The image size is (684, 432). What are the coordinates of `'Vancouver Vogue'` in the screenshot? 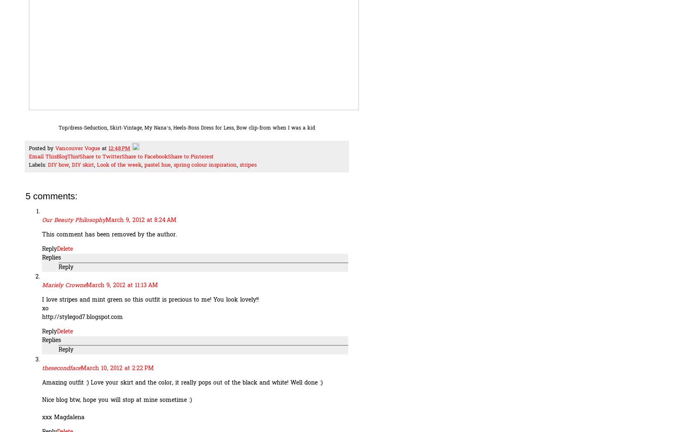 It's located at (54, 149).